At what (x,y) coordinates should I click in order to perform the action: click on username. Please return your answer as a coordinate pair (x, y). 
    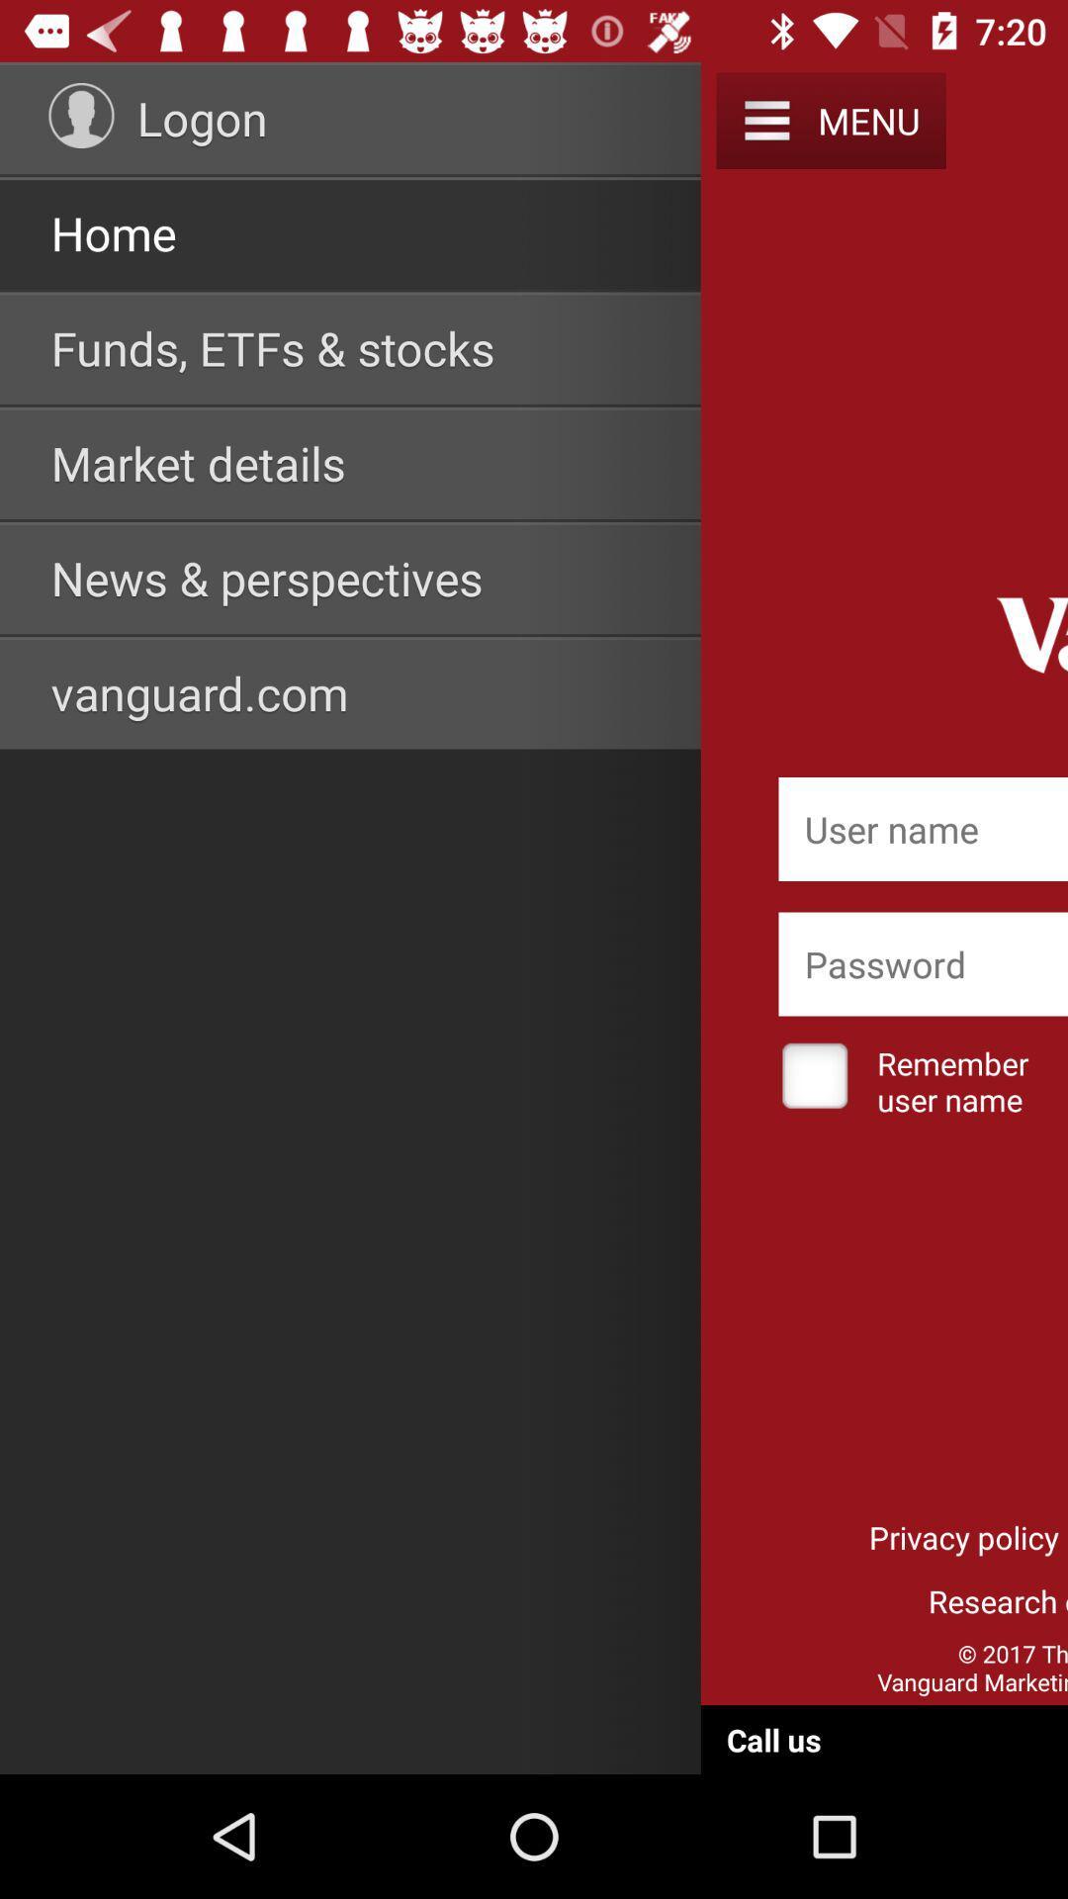
    Looking at the image, I should click on (923, 829).